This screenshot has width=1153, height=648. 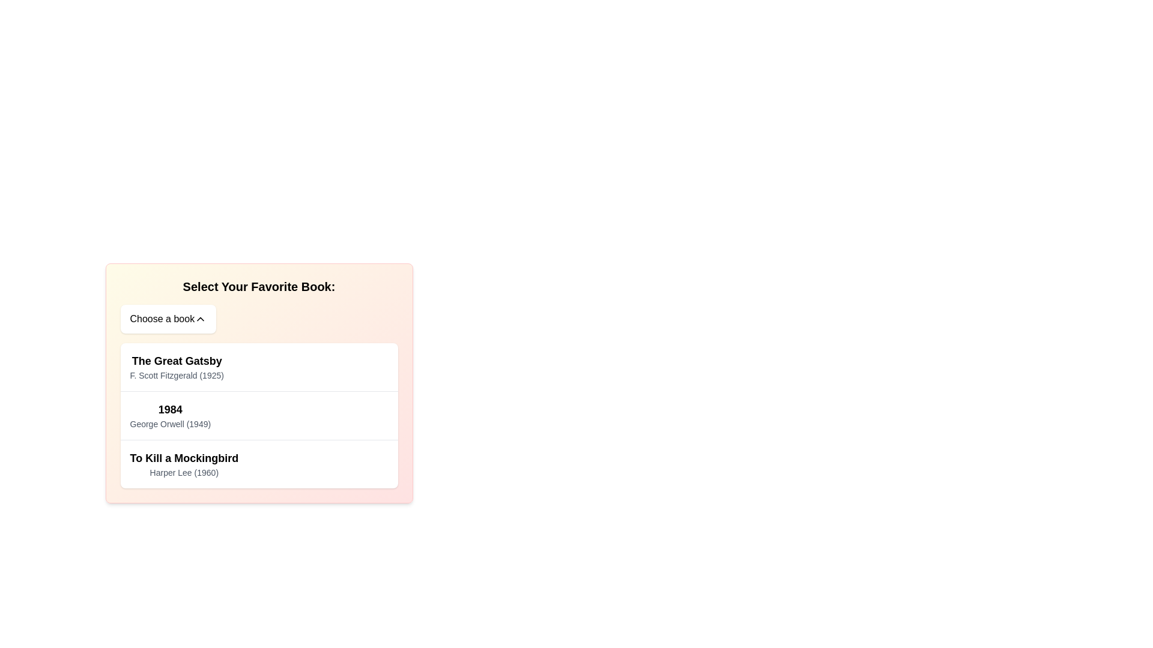 I want to click on the 'Choose a book' button, which is a white rectangular button with rounded corners, located below the title 'Select Your Favorite Book:', for focus, so click(x=168, y=319).